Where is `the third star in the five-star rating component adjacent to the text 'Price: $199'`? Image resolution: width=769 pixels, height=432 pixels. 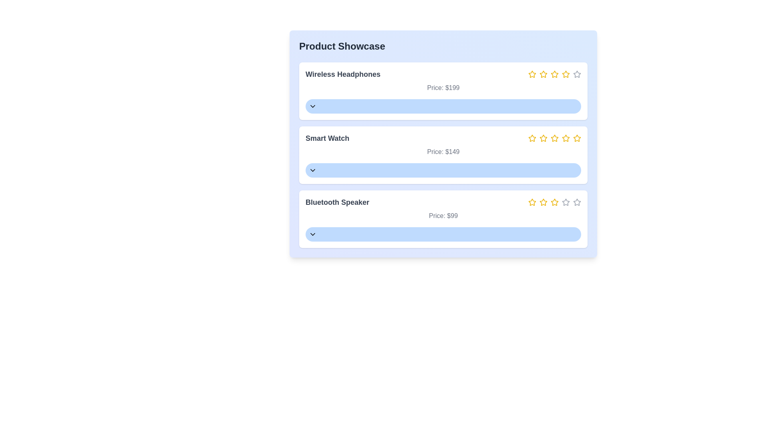 the third star in the five-star rating component adjacent to the text 'Price: $199' is located at coordinates (554, 74).